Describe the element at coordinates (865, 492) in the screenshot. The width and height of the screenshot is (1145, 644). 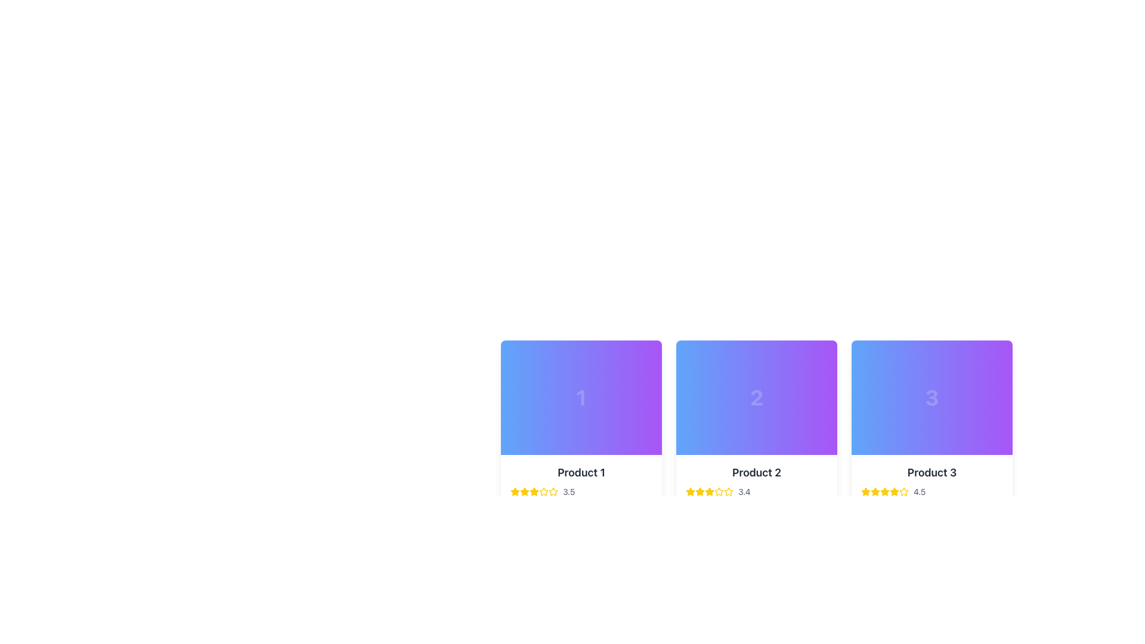
I see `the first star icon in the rating system for 'Product 3', which is located in the third column of product cards` at that location.